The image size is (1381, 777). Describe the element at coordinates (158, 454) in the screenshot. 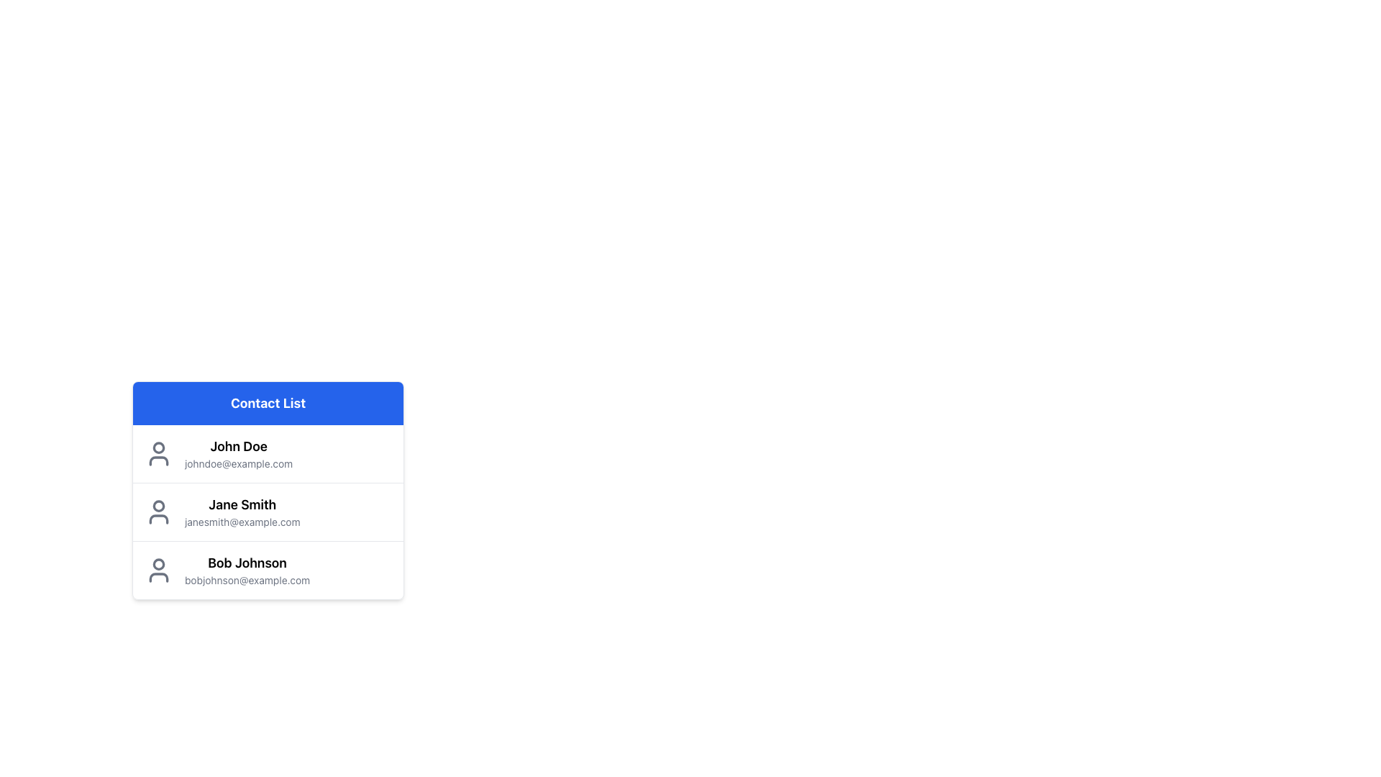

I see `the user icon in the contact list, which features a circular head and a semi-circular body, styled in grey, positioned to the left of the text 'John Doe' and 'johndoe@example.com'` at that location.